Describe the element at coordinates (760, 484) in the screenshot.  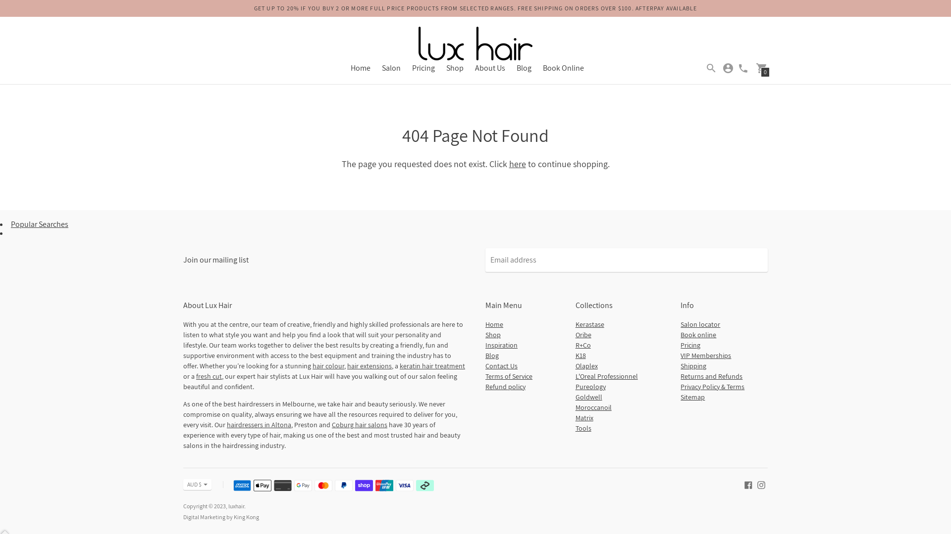
I see `'luxhair on Instagram'` at that location.